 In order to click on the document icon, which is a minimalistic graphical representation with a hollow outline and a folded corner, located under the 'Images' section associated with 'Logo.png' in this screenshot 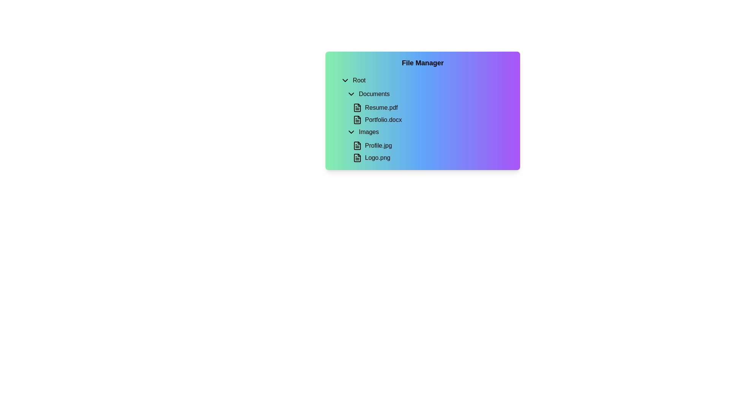, I will do `click(357, 158)`.